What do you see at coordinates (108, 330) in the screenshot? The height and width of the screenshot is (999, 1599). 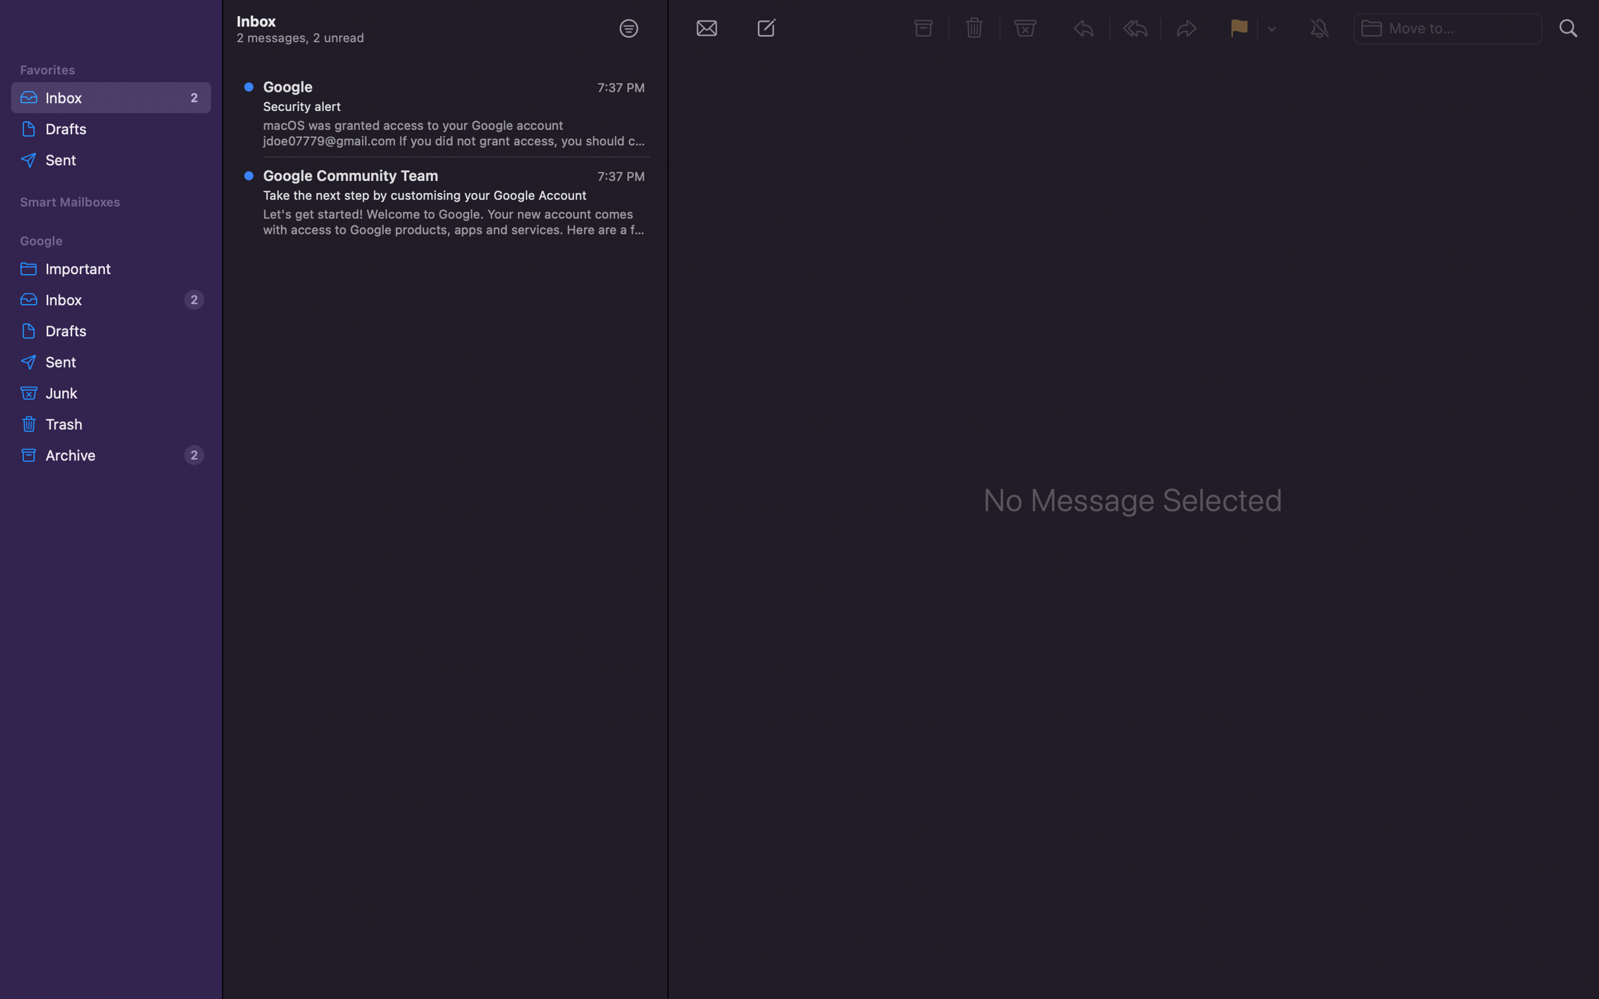 I see `the option for accessing the drafts` at bounding box center [108, 330].